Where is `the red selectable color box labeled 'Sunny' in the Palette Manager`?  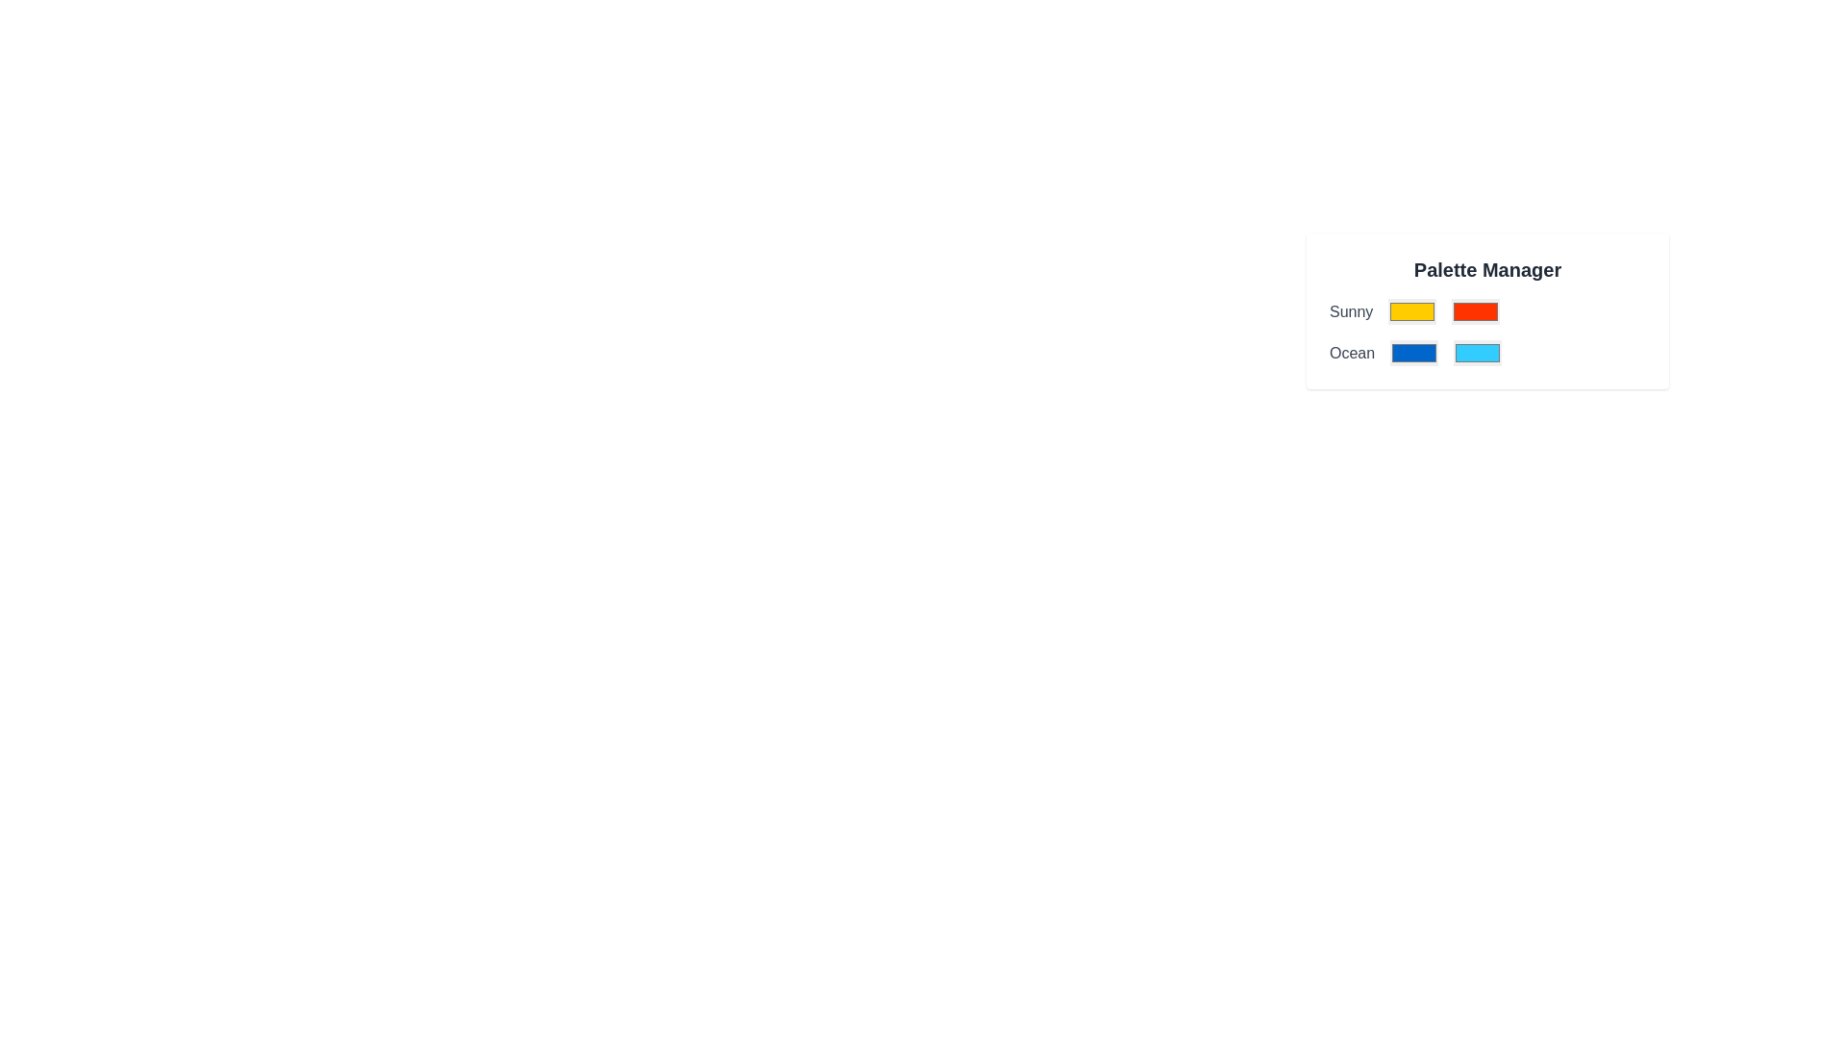
the red selectable color box labeled 'Sunny' in the Palette Manager is located at coordinates (1486, 324).